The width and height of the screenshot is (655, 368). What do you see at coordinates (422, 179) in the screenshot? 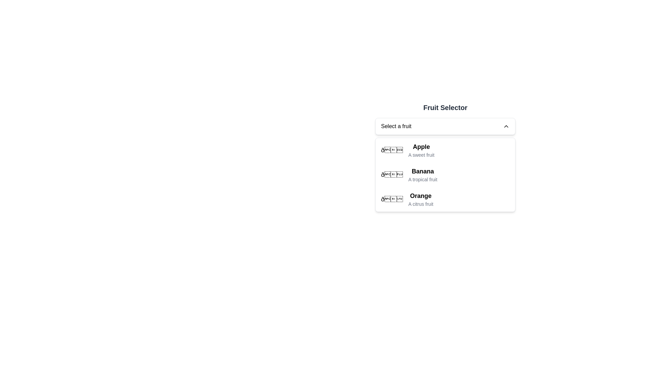
I see `the informational text label for 'Banana' located directly beneath the larger text in the dropdown list` at bounding box center [422, 179].